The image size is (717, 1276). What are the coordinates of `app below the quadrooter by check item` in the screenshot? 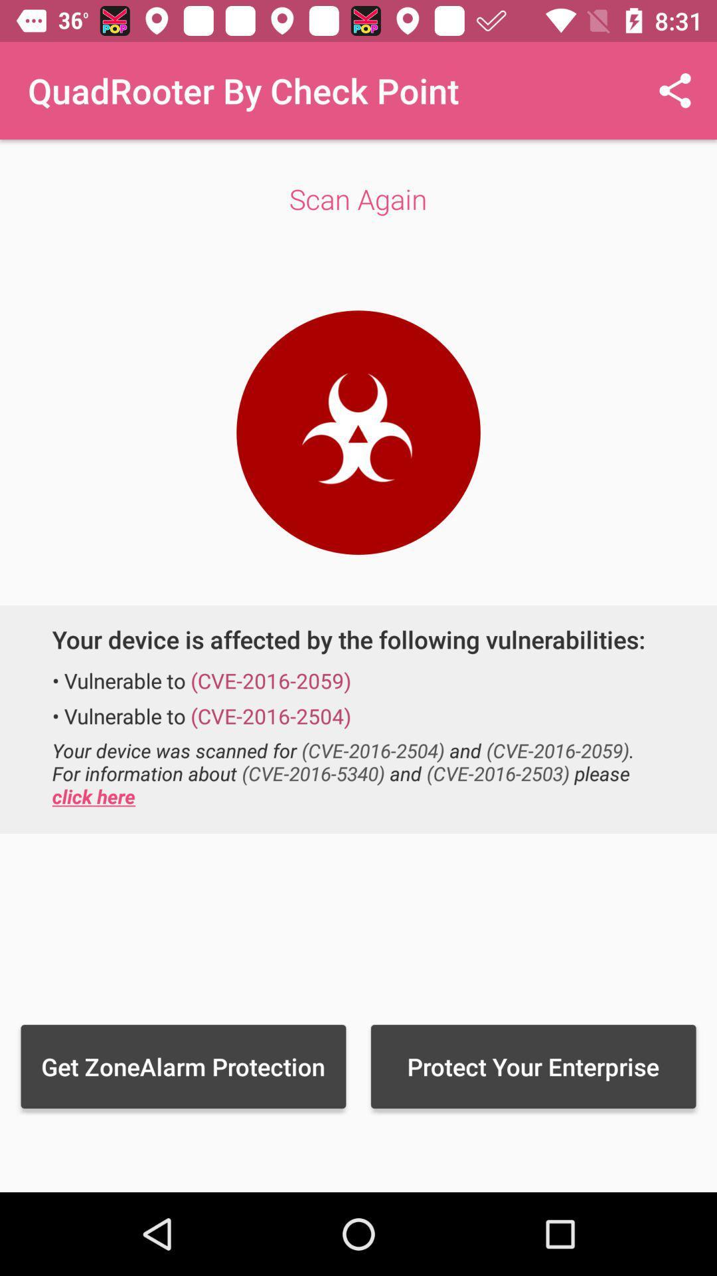 It's located at (357, 198).